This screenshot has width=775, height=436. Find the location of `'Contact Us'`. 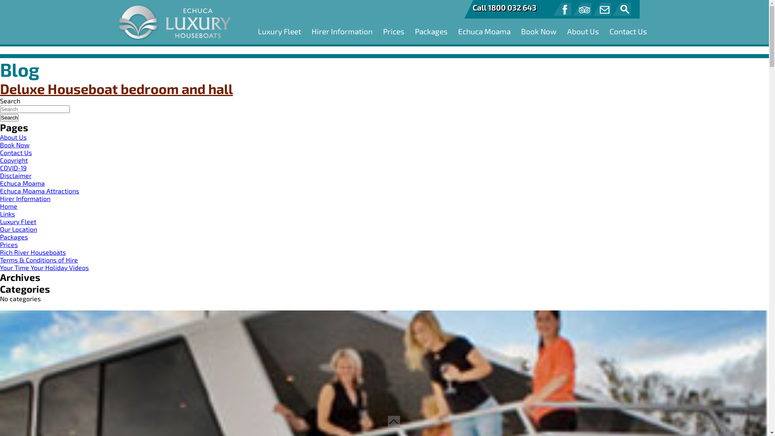

'Contact Us' is located at coordinates (16, 152).